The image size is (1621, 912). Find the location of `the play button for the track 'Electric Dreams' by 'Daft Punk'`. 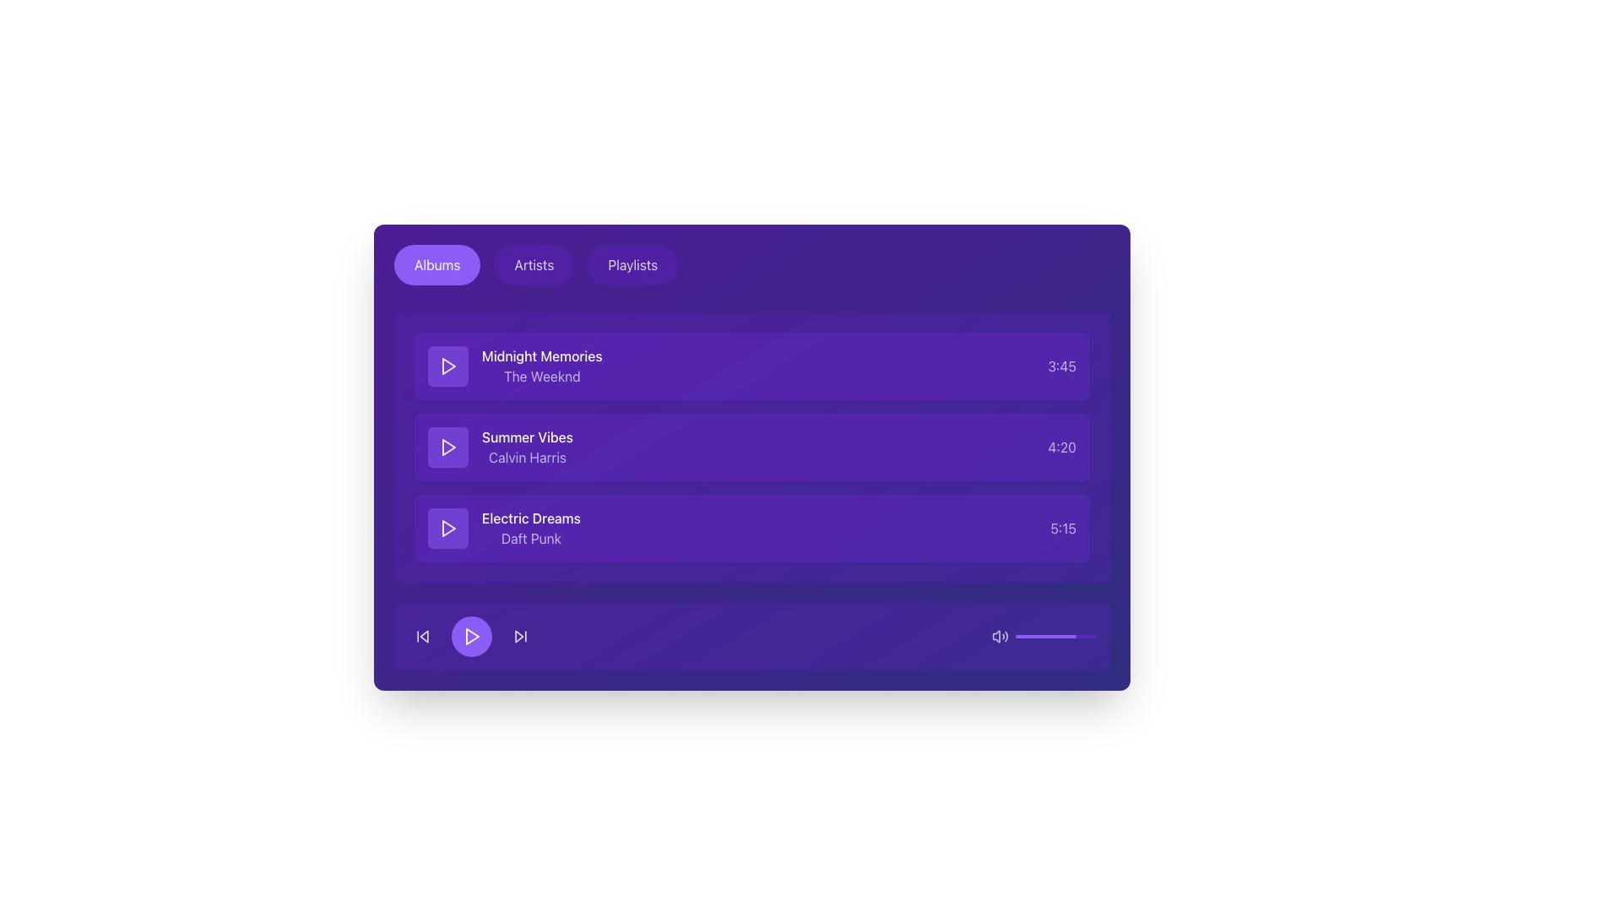

the play button for the track 'Electric Dreams' by 'Daft Punk' is located at coordinates (448, 527).